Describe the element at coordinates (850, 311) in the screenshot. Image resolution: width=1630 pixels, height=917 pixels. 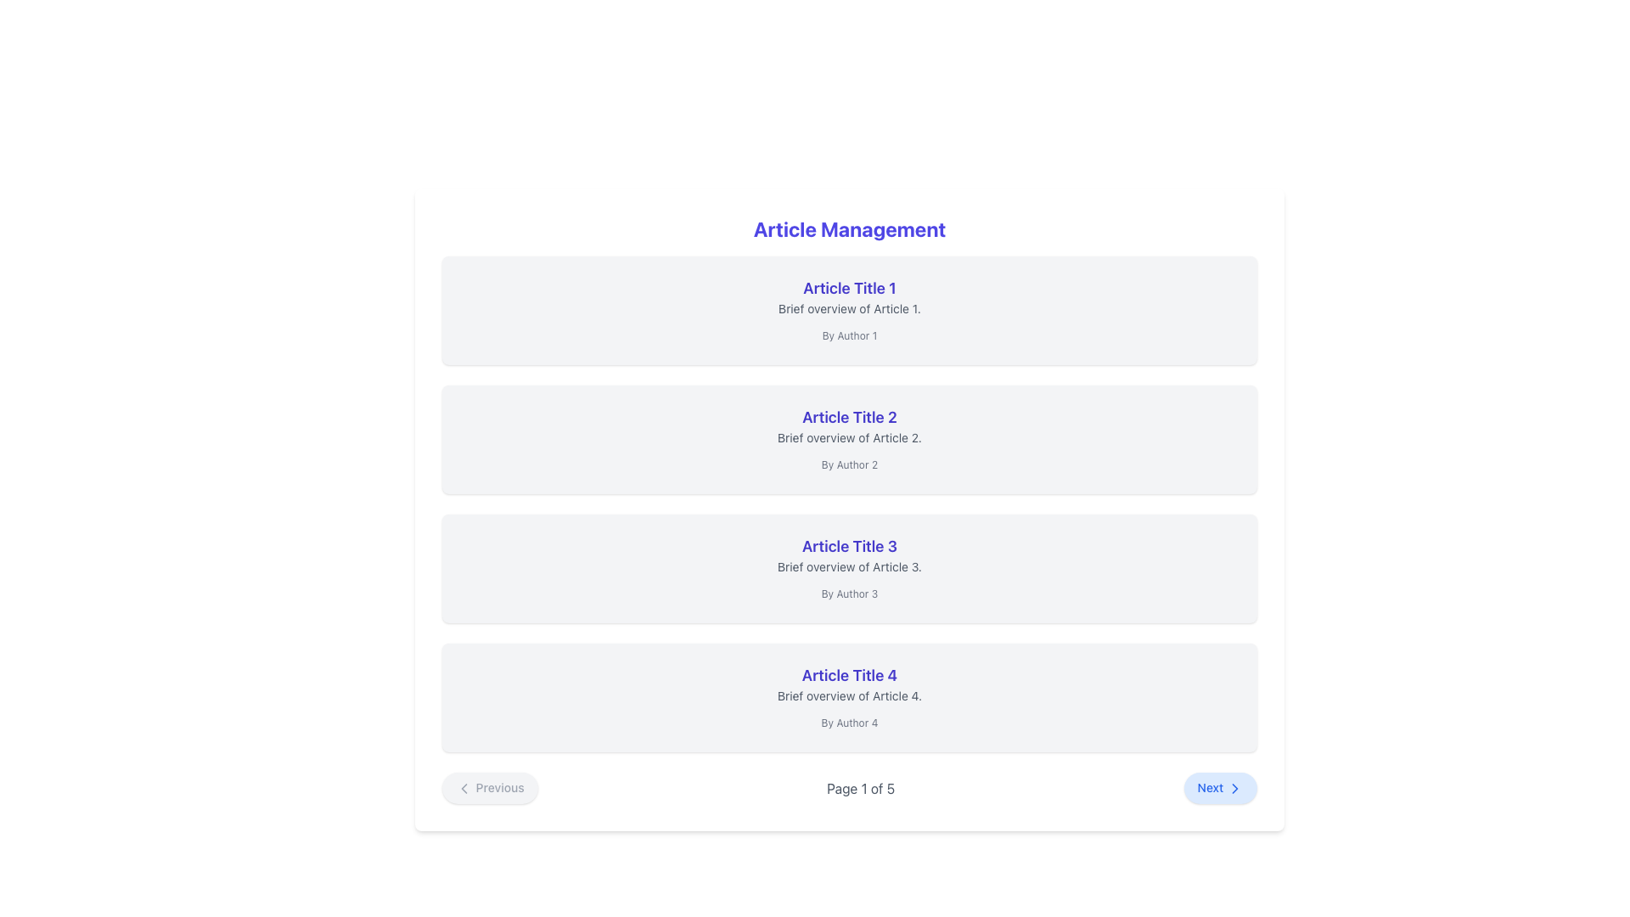
I see `the first card in the grid list of articles that displays a preview of an article including its title, brief description, and author information` at that location.